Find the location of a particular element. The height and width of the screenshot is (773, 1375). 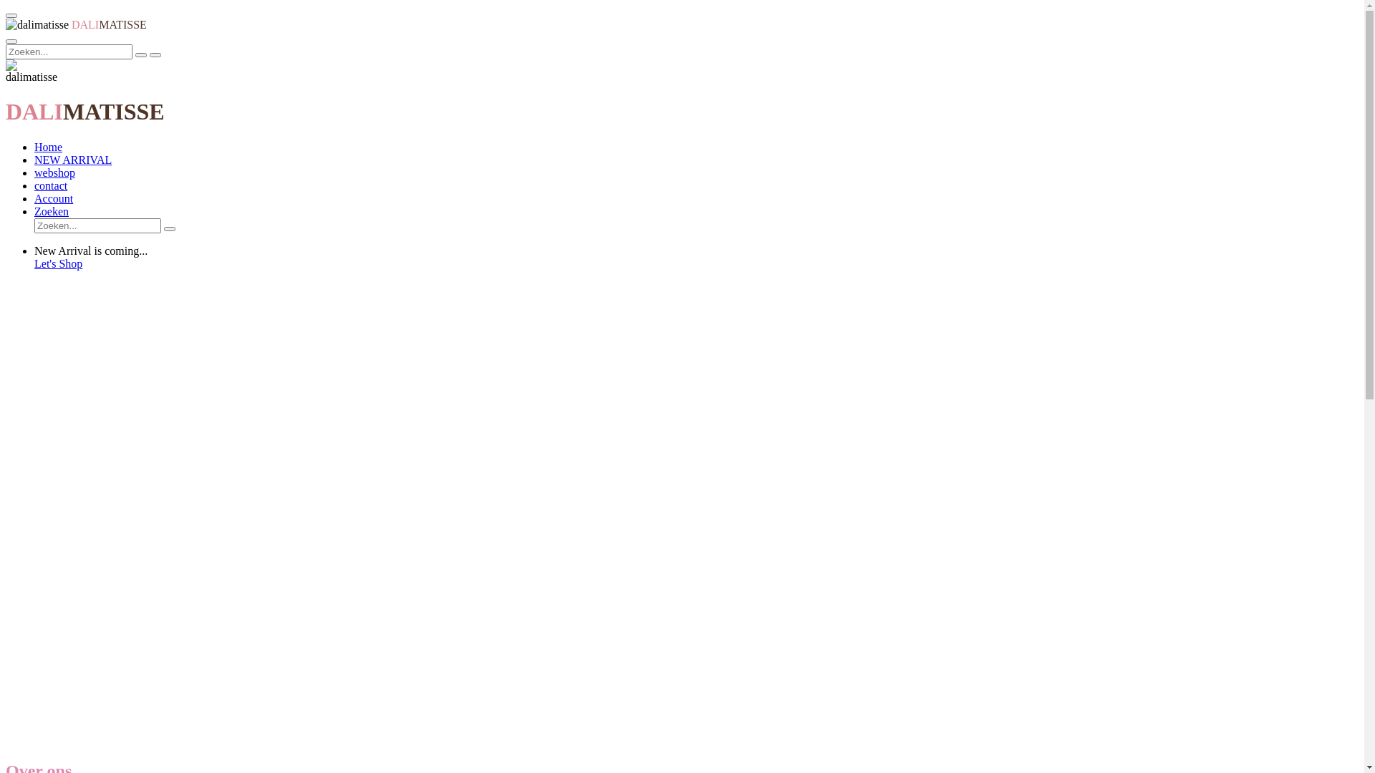

'Home' is located at coordinates (48, 147).